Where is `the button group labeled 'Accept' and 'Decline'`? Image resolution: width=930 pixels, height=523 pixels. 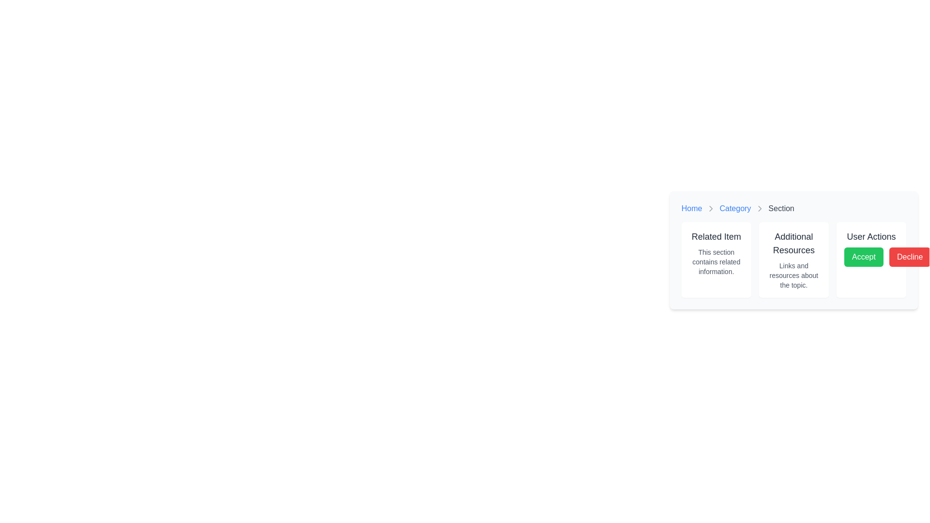 the button group labeled 'Accept' and 'Decline' is located at coordinates (871, 257).